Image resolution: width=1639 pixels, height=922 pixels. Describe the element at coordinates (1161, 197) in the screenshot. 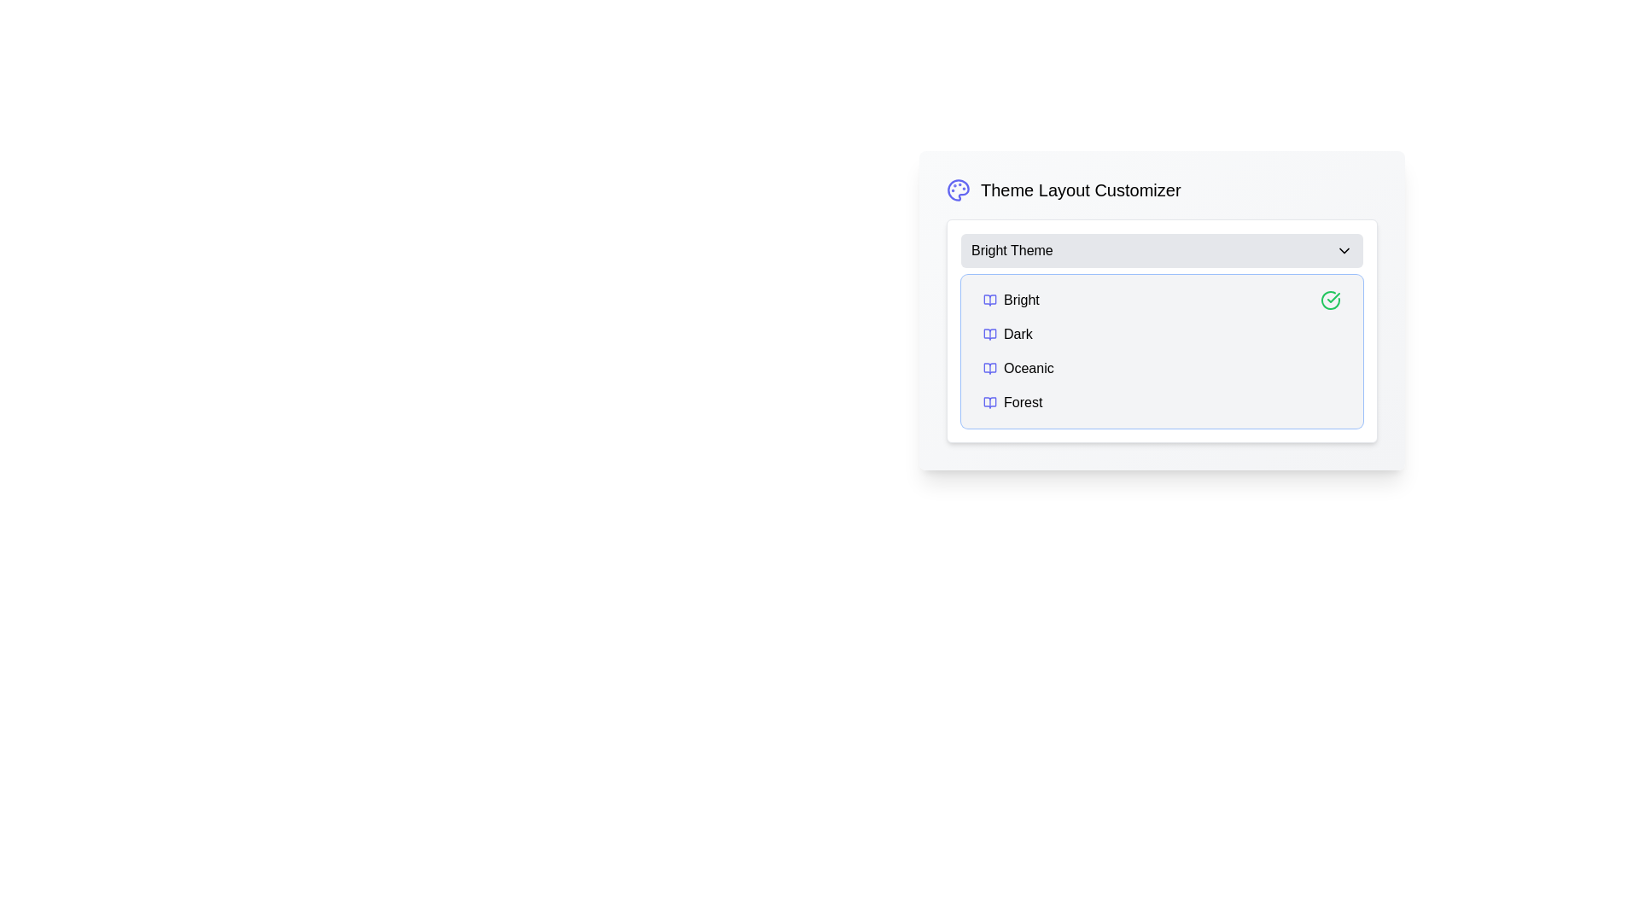

I see `descriptive text of the Header section labeled 'Theme Layout Customizer' next to the palette icon` at that location.